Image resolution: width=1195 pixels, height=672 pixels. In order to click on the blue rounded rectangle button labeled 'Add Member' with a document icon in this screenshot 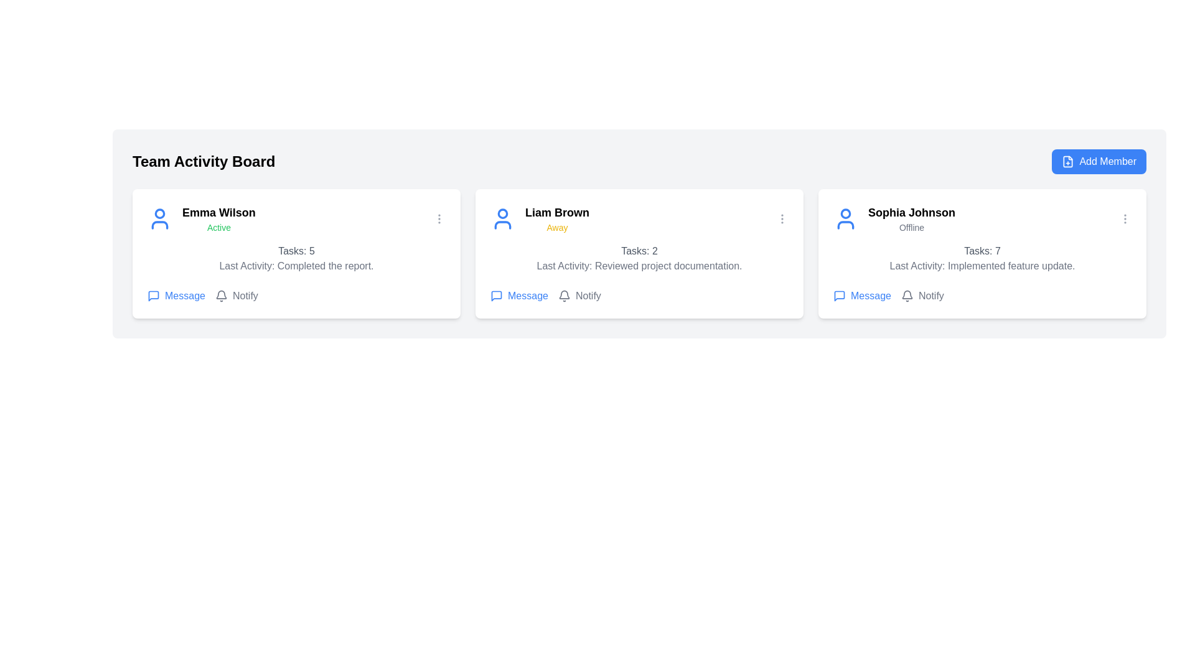, I will do `click(1099, 161)`.